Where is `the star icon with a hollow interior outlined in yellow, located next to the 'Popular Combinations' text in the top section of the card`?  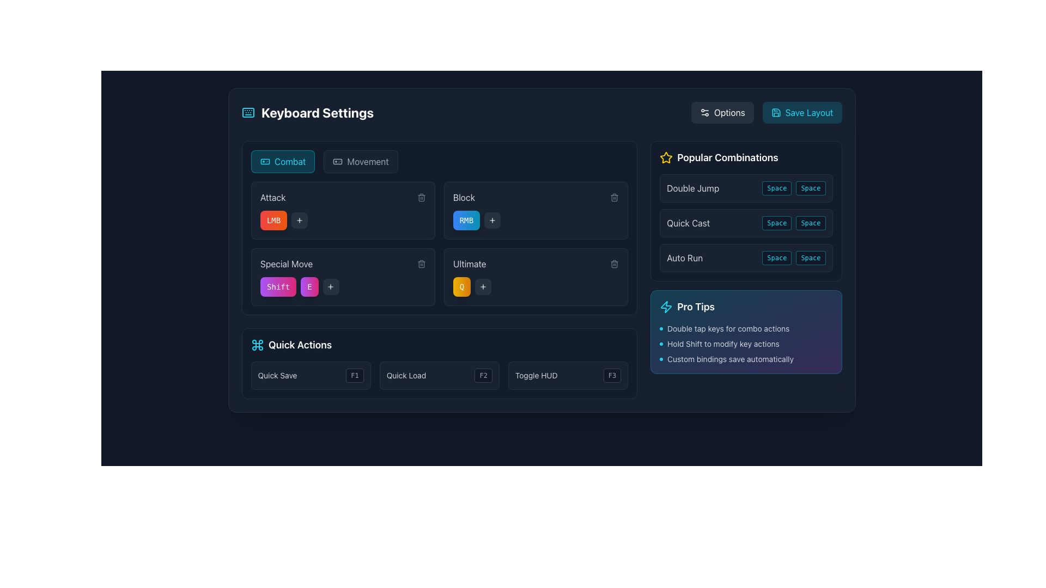
the star icon with a hollow interior outlined in yellow, located next to the 'Popular Combinations' text in the top section of the card is located at coordinates (666, 157).